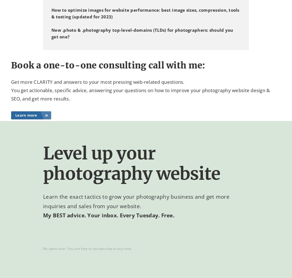  What do you see at coordinates (118, 196) in the screenshot?
I see `'Learn the exact tactics to grow your photography business'` at bounding box center [118, 196].